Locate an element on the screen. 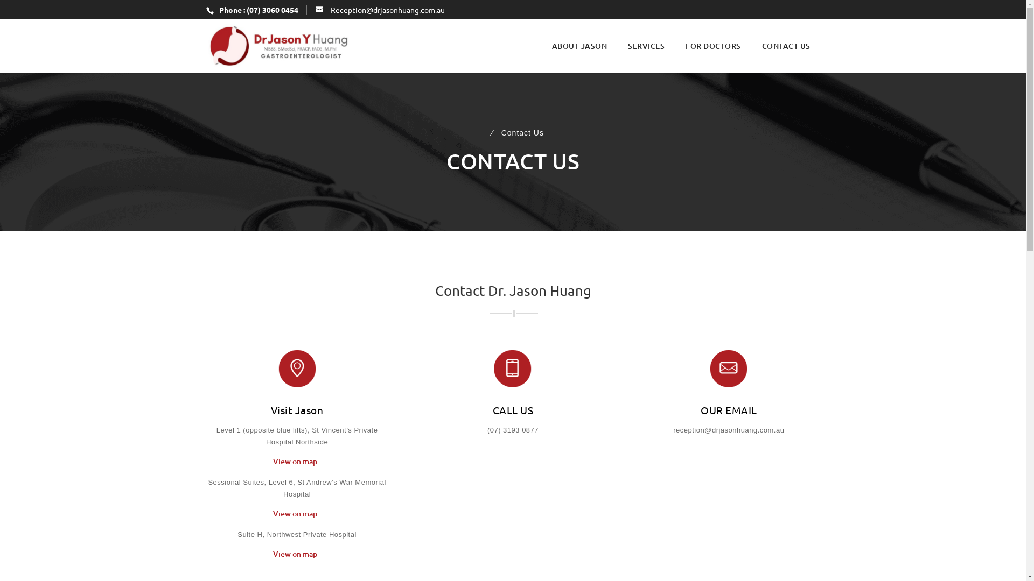  'CONTACT US' is located at coordinates (786, 45).